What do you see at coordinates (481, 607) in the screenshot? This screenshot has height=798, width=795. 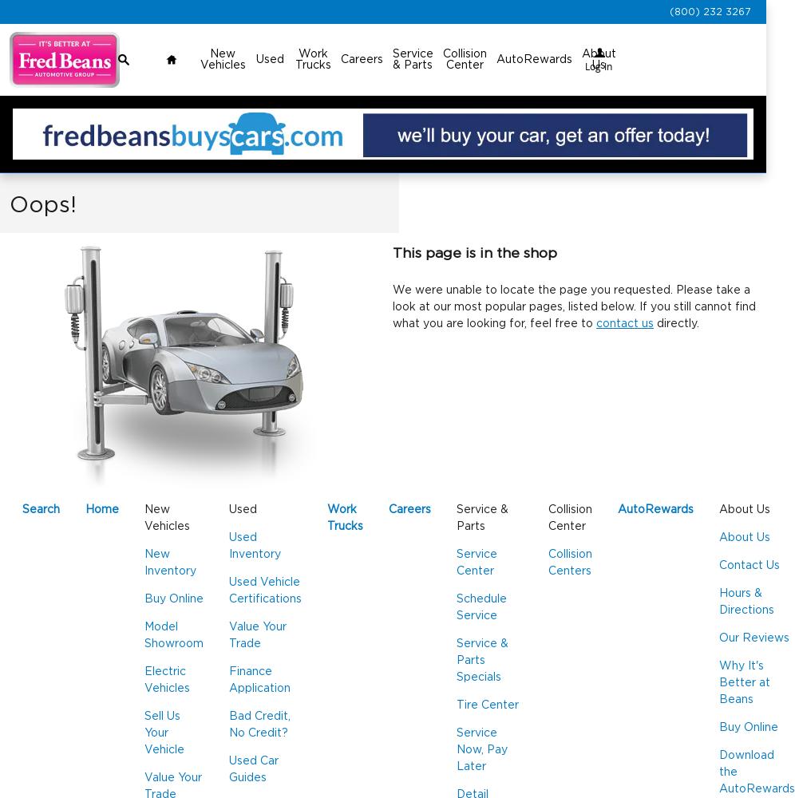 I see `'Schedule Service'` at bounding box center [481, 607].